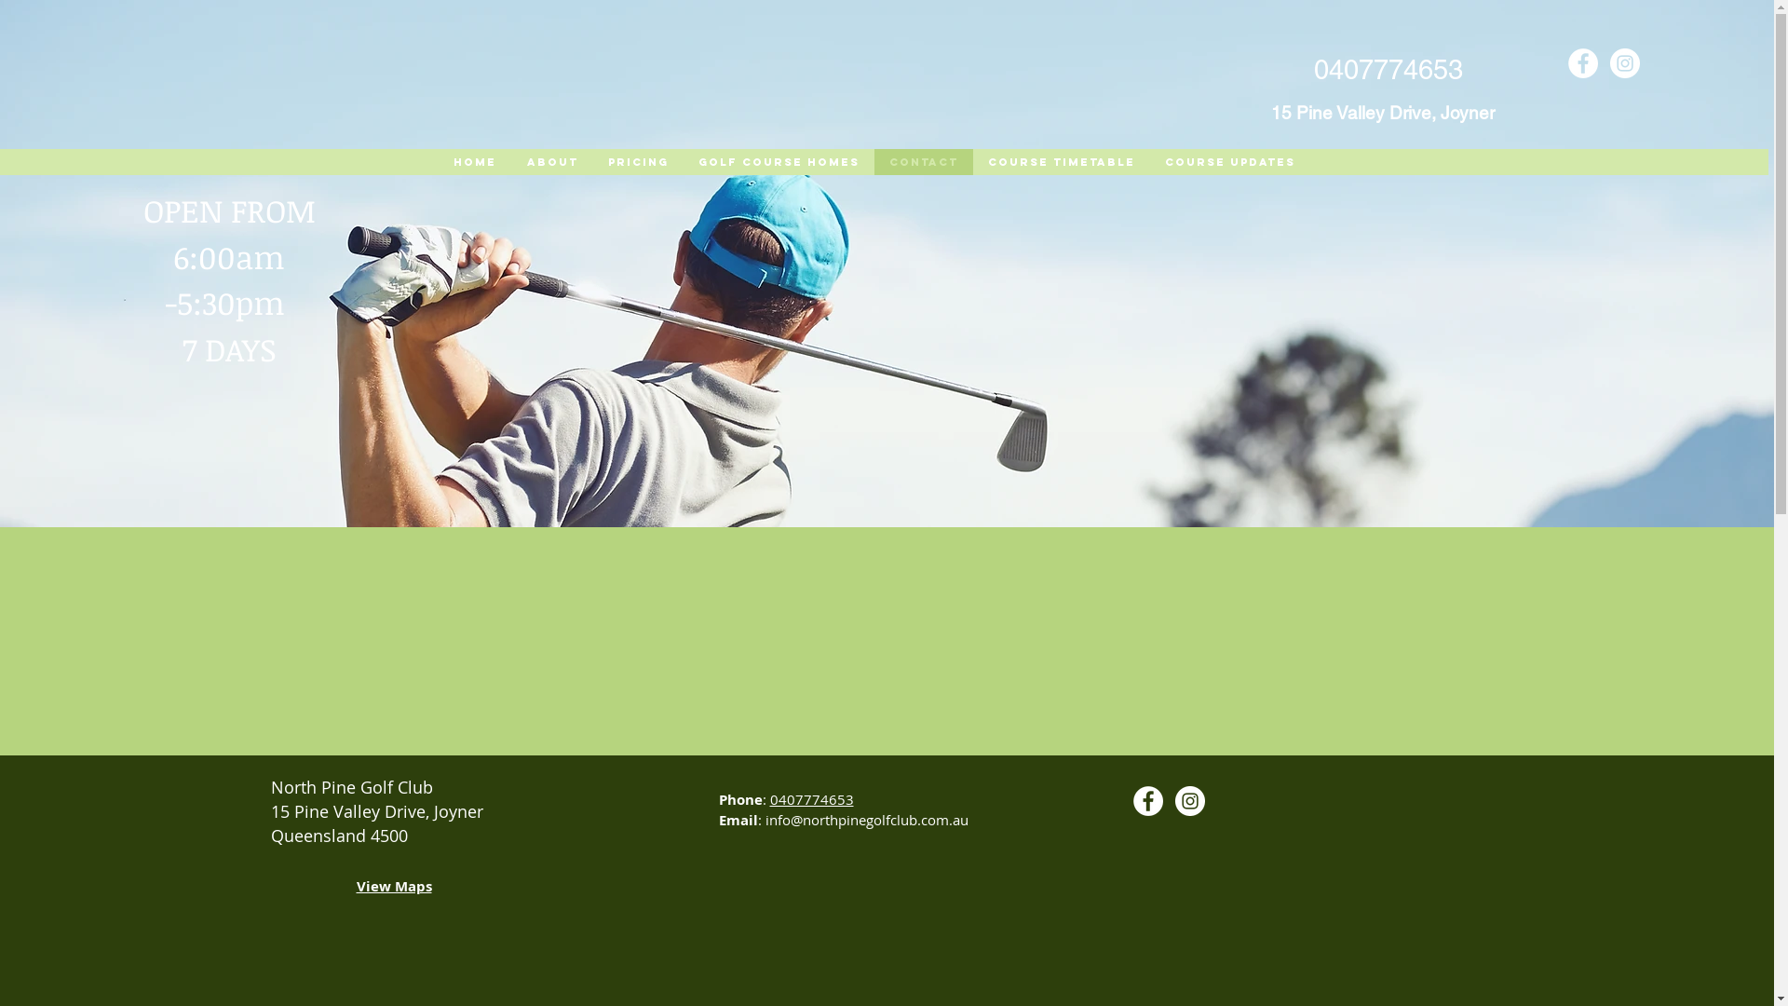 This screenshot has width=1788, height=1006. I want to click on 'View Maps', so click(392, 887).